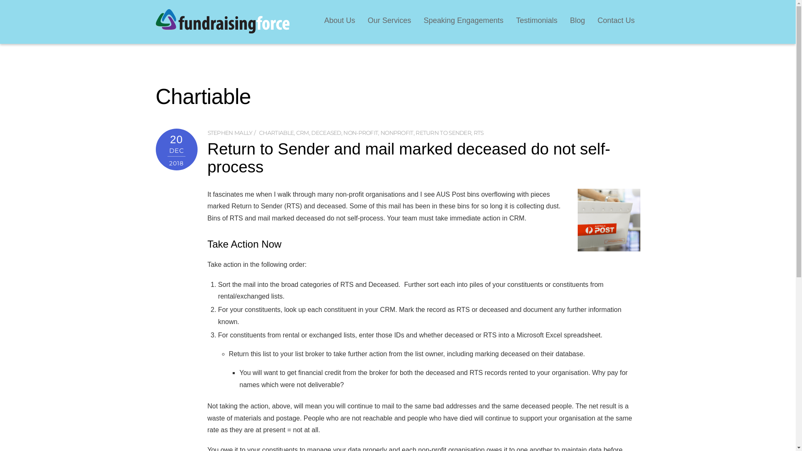 Image resolution: width=802 pixels, height=451 pixels. What do you see at coordinates (339, 19) in the screenshot?
I see `'About Us'` at bounding box center [339, 19].